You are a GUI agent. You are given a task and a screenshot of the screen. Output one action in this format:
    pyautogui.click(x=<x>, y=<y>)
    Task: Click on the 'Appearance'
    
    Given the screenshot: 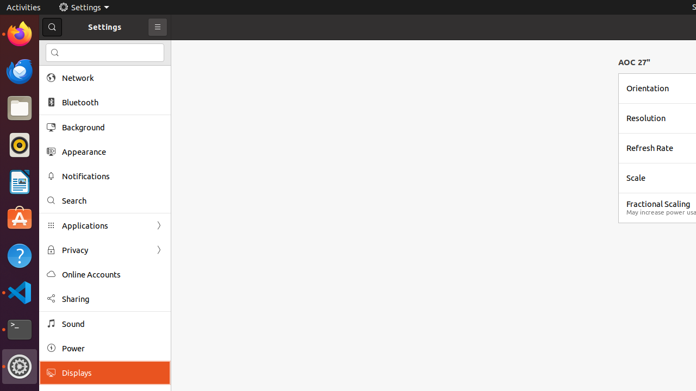 What is the action you would take?
    pyautogui.click(x=112, y=152)
    